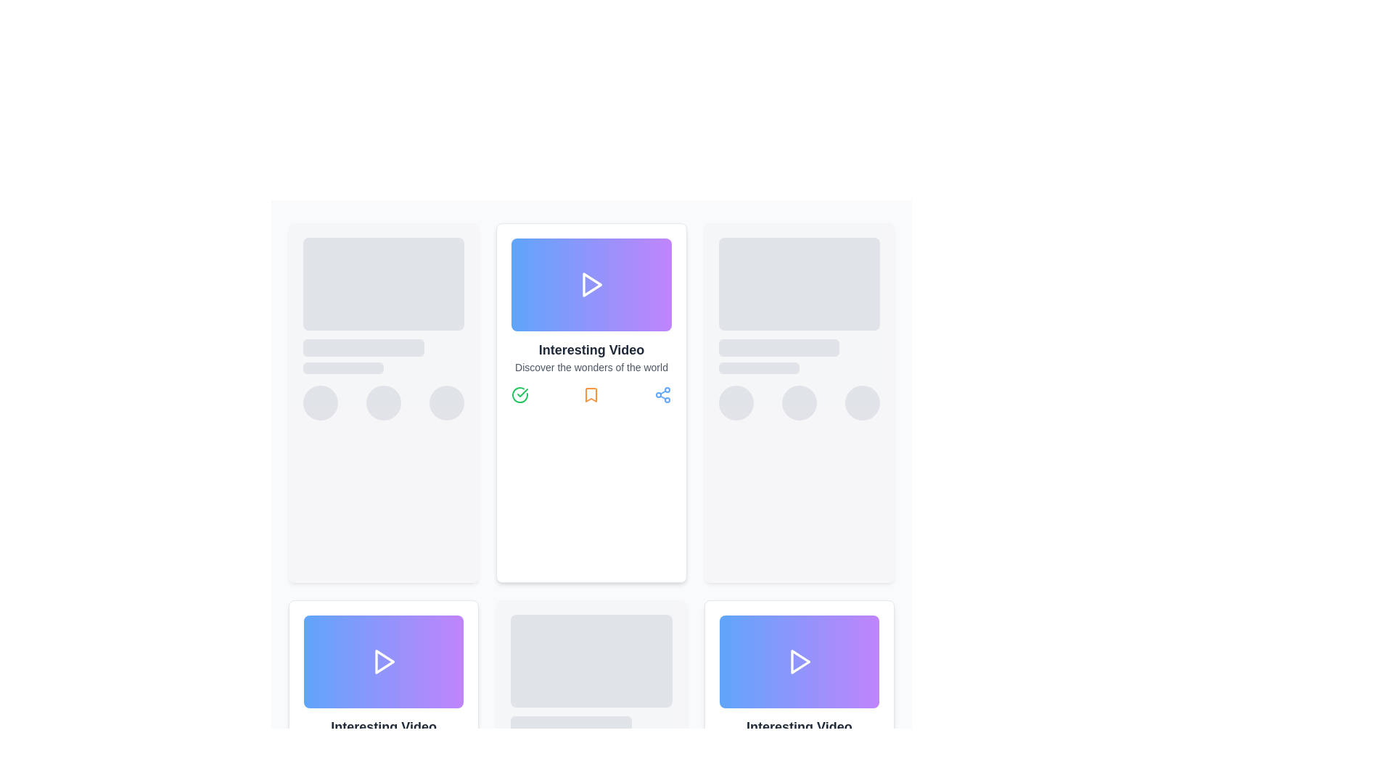 This screenshot has height=783, width=1393. What do you see at coordinates (591, 394) in the screenshot?
I see `the orange bookmark icon located beneath the 'Interesting Video' heading to bookmark the associated content` at bounding box center [591, 394].